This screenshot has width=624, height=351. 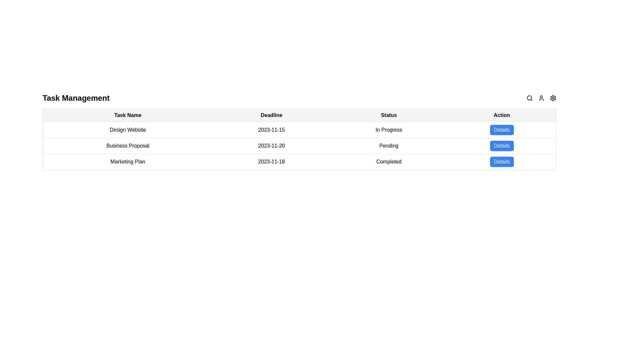 I want to click on the user profile icon, which is a small, minimalist design located in the top right bar of the interface, positioned between a magnifying glass search icon and a gear icon, so click(x=541, y=98).